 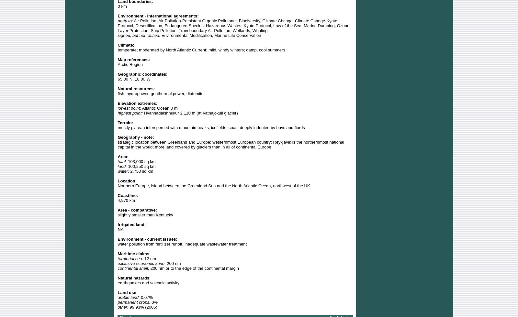 I want to click on 'temperate; moderated by North Atlantic Current; mild, windy winters; damp, cool summers', so click(x=201, y=49).